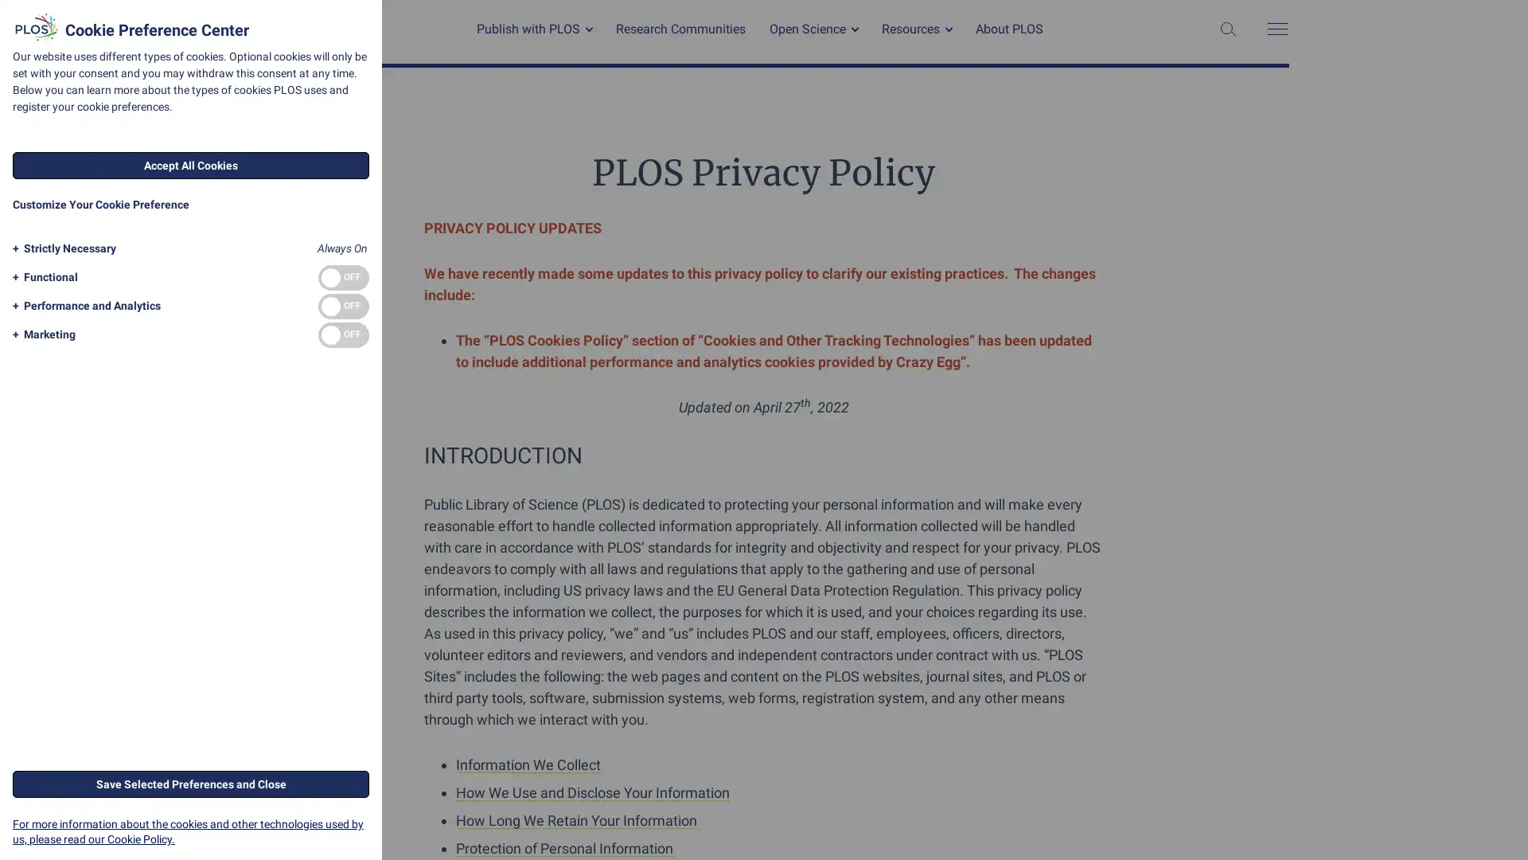 Image resolution: width=1528 pixels, height=860 pixels. Describe the element at coordinates (191, 166) in the screenshot. I see `Accept All Cookies` at that location.